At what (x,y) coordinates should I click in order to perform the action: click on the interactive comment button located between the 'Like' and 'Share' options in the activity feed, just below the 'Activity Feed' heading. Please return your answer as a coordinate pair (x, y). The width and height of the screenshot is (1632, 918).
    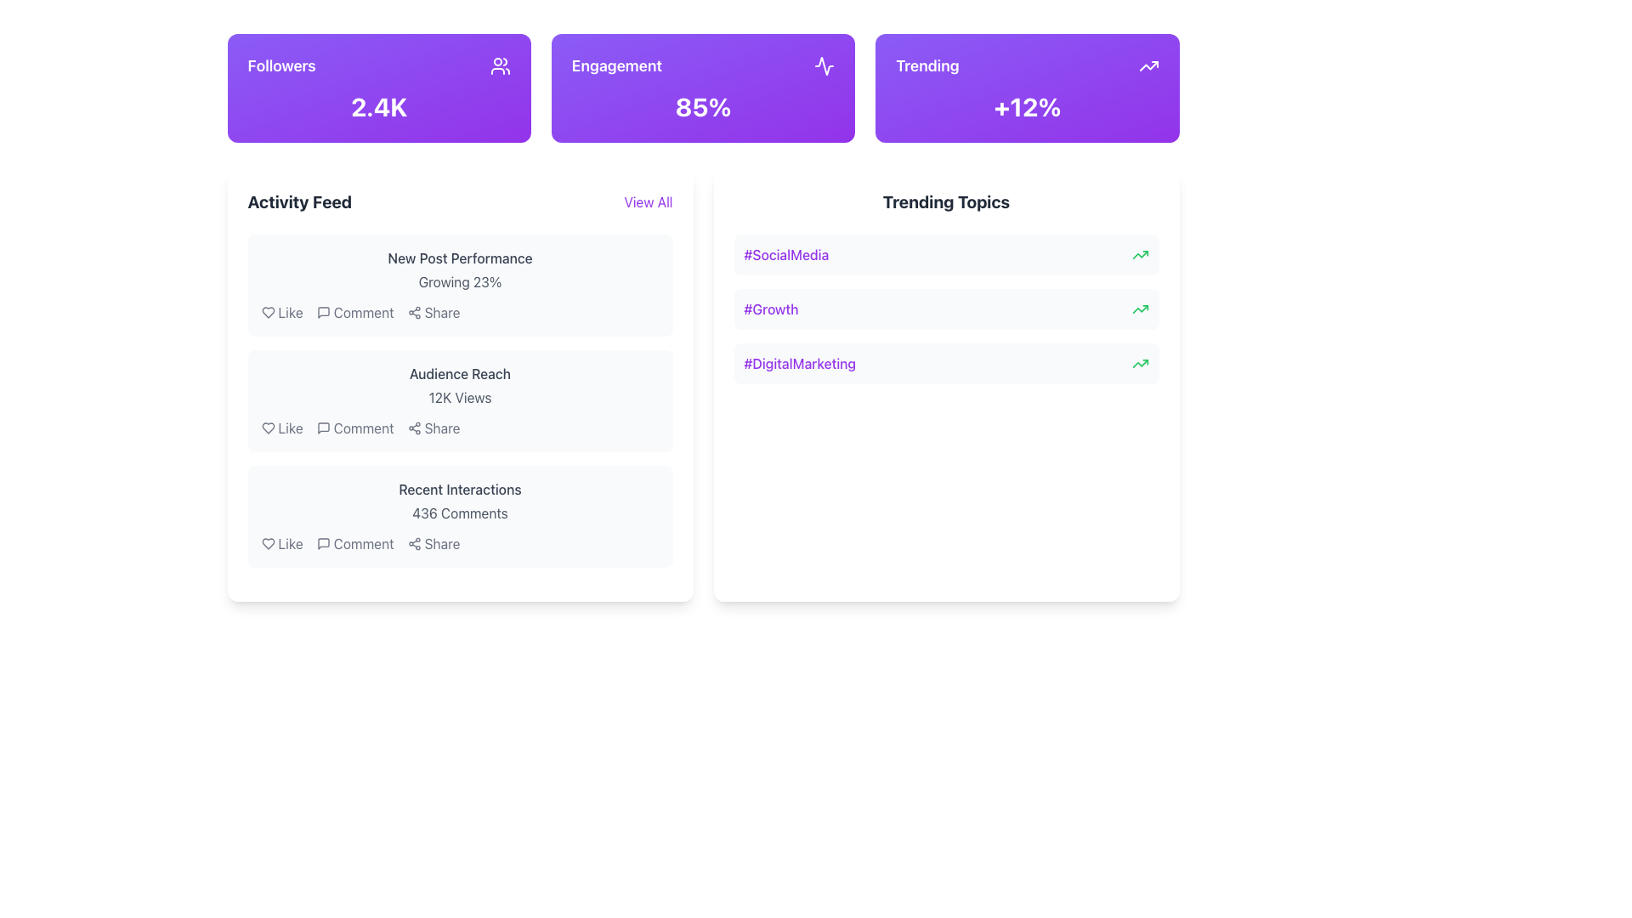
    Looking at the image, I should click on (354, 312).